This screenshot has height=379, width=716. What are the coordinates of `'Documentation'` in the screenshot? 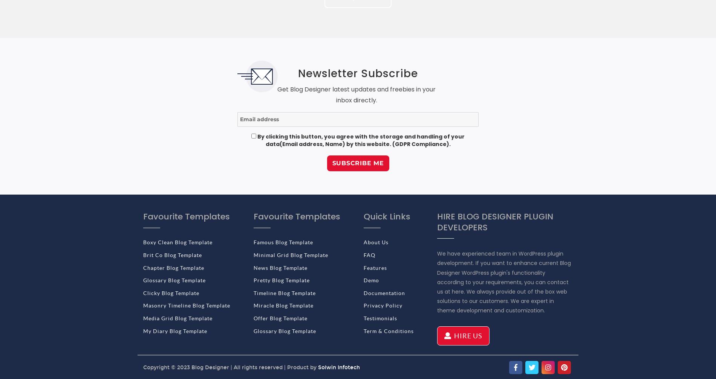 It's located at (364, 292).